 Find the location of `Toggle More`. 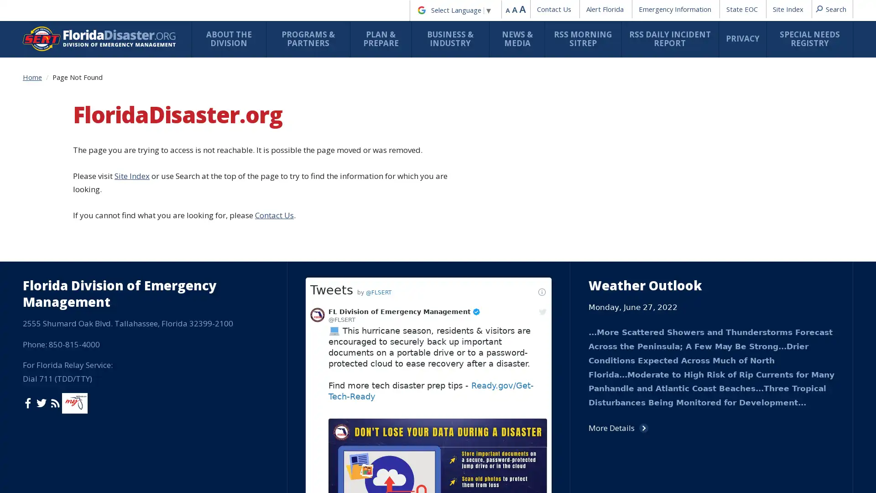

Toggle More is located at coordinates (274, 173).